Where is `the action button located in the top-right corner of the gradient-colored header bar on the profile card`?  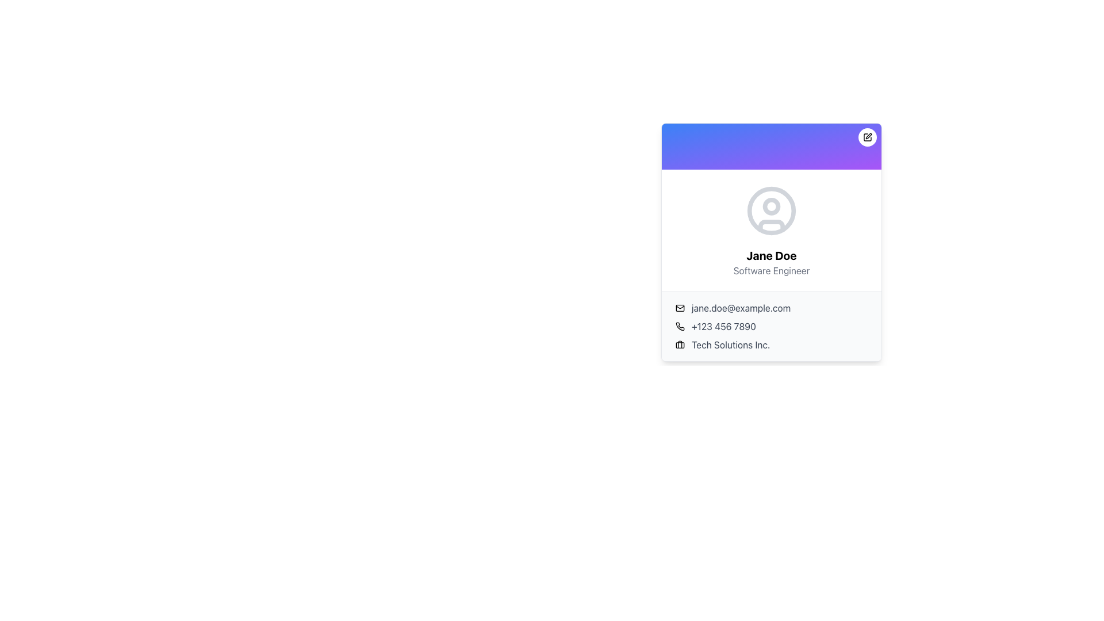 the action button located in the top-right corner of the gradient-colored header bar on the profile card is located at coordinates (867, 137).